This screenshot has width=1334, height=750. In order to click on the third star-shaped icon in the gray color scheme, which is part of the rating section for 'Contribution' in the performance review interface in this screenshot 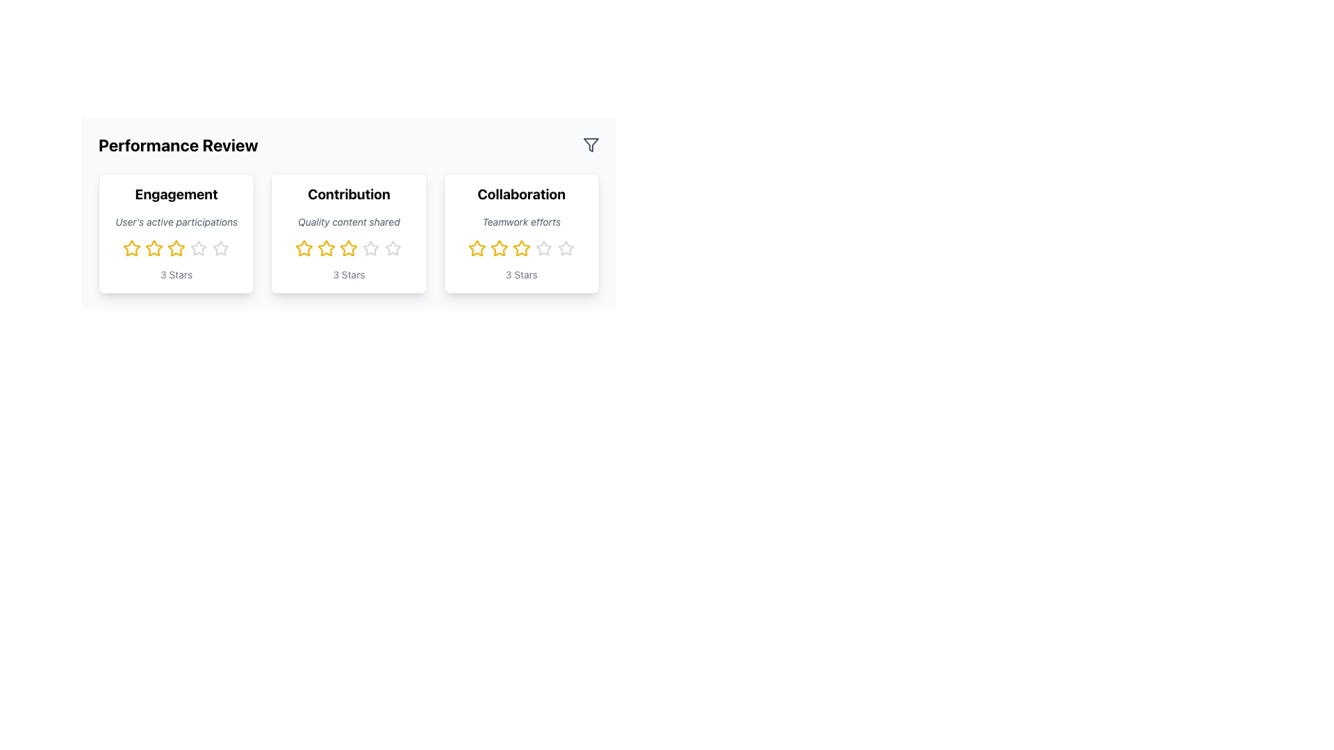, I will do `click(371, 247)`.